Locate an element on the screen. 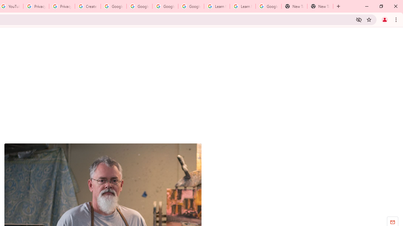 The height and width of the screenshot is (226, 403). 'Create your Google Account' is located at coordinates (88, 6).